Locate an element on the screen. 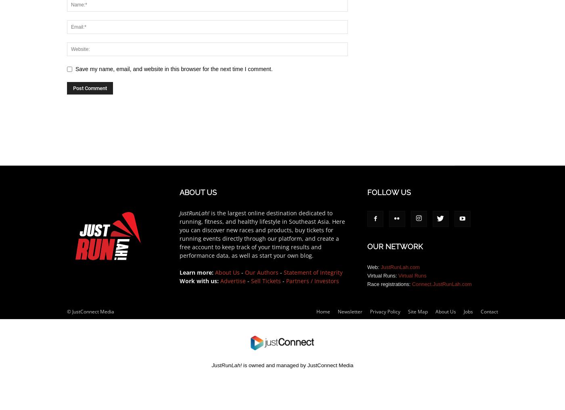 The height and width of the screenshot is (410, 565). 'Web:' is located at coordinates (374, 267).